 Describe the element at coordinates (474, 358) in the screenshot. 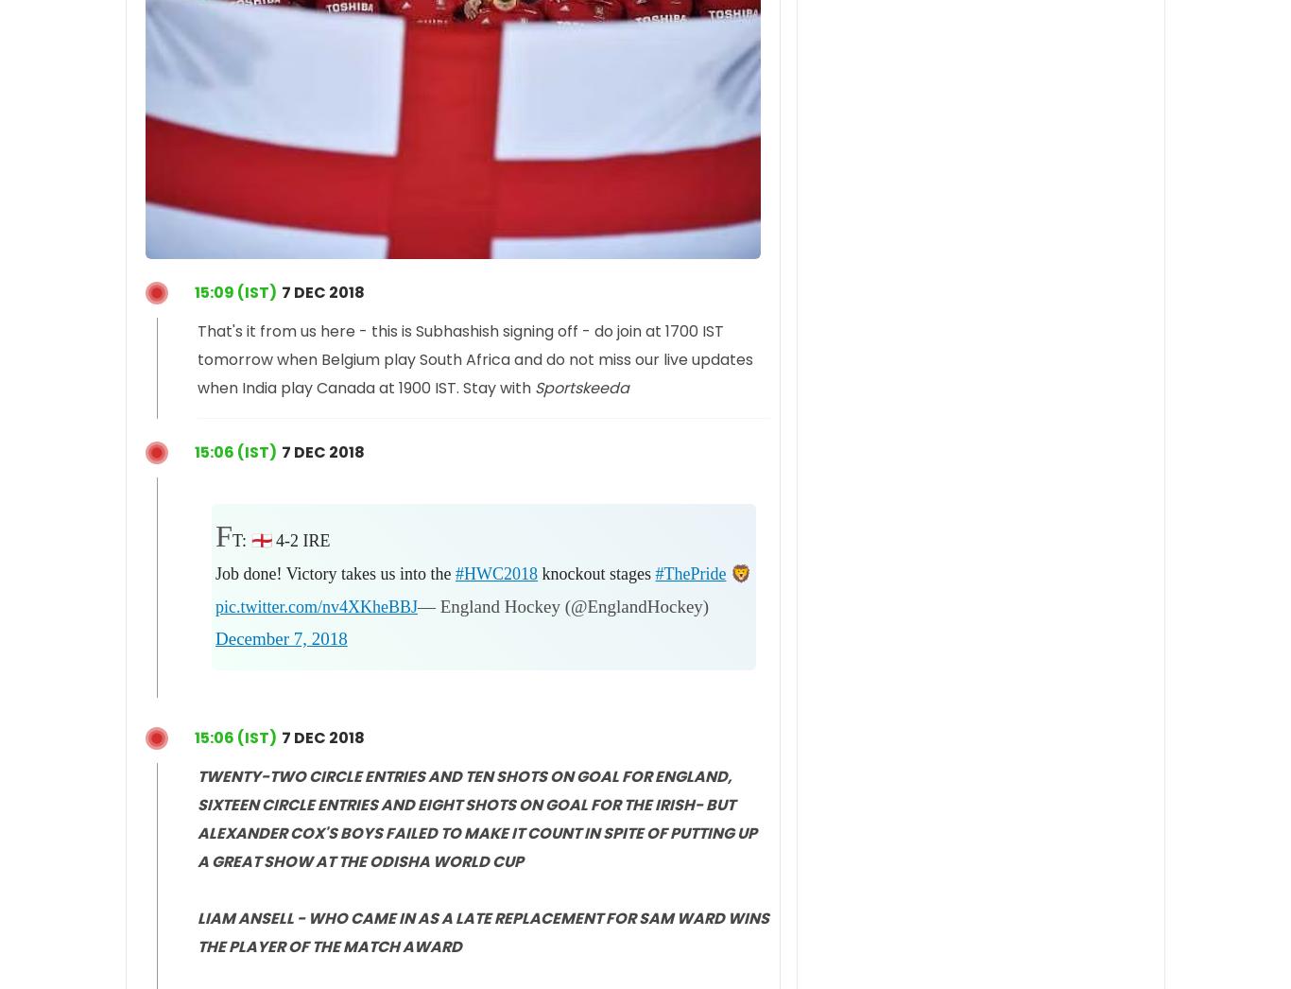

I see `'That's it from us here - this is Subhashish signing off - do join at 1700 IST tomorrow when Belgium play South Africa and do not miss our live updates when India play Canada at 1900 IST. Stay with'` at that location.